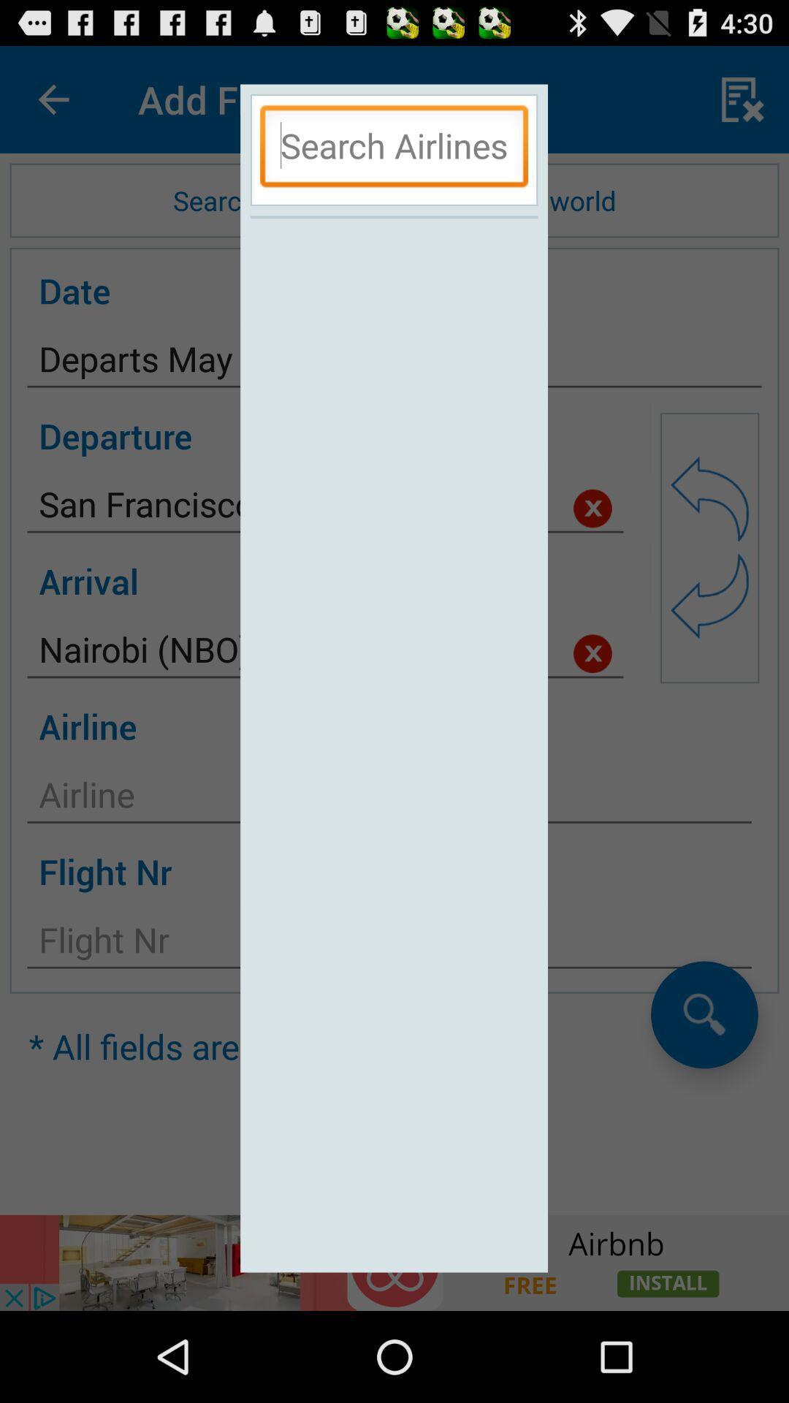  Describe the element at coordinates (393, 150) in the screenshot. I see `search button` at that location.